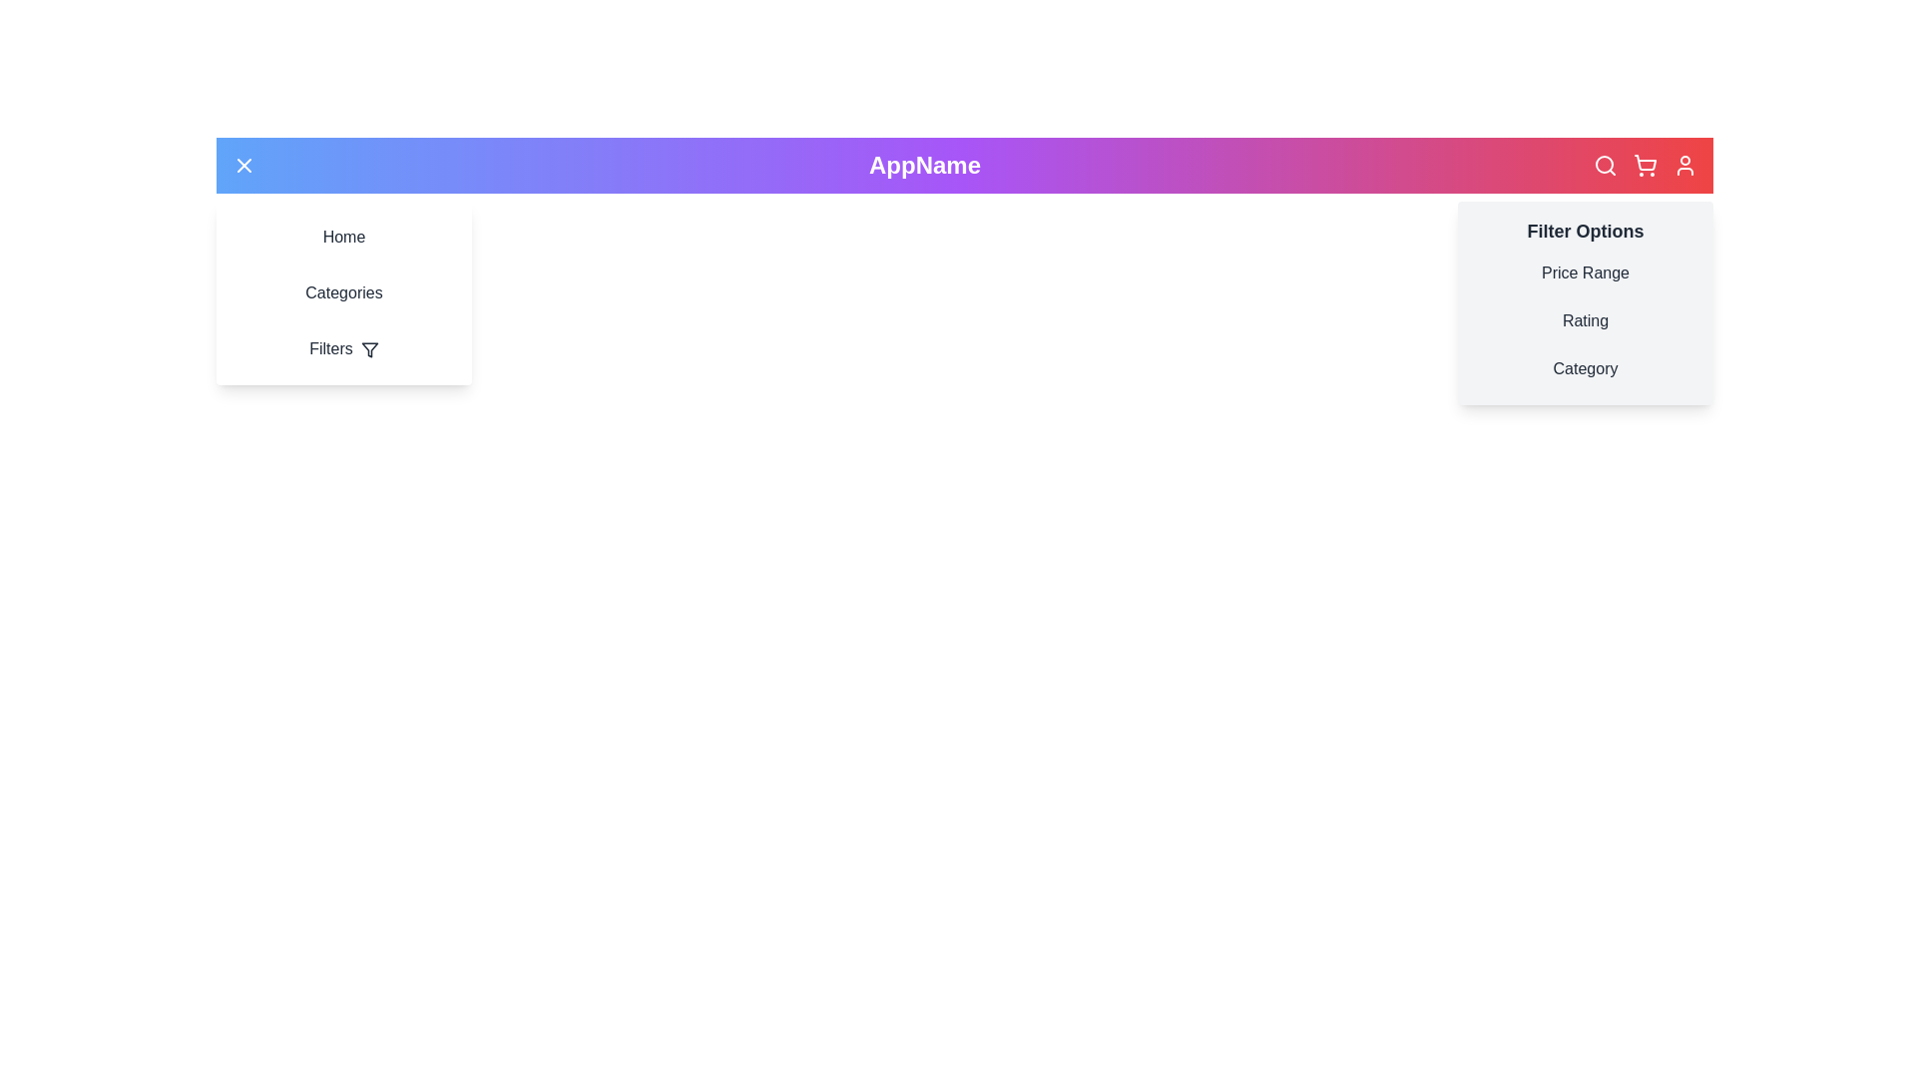  Describe the element at coordinates (923, 164) in the screenshot. I see `label displaying 'AppName' in a bold and large font at the center of the header bar layout` at that location.